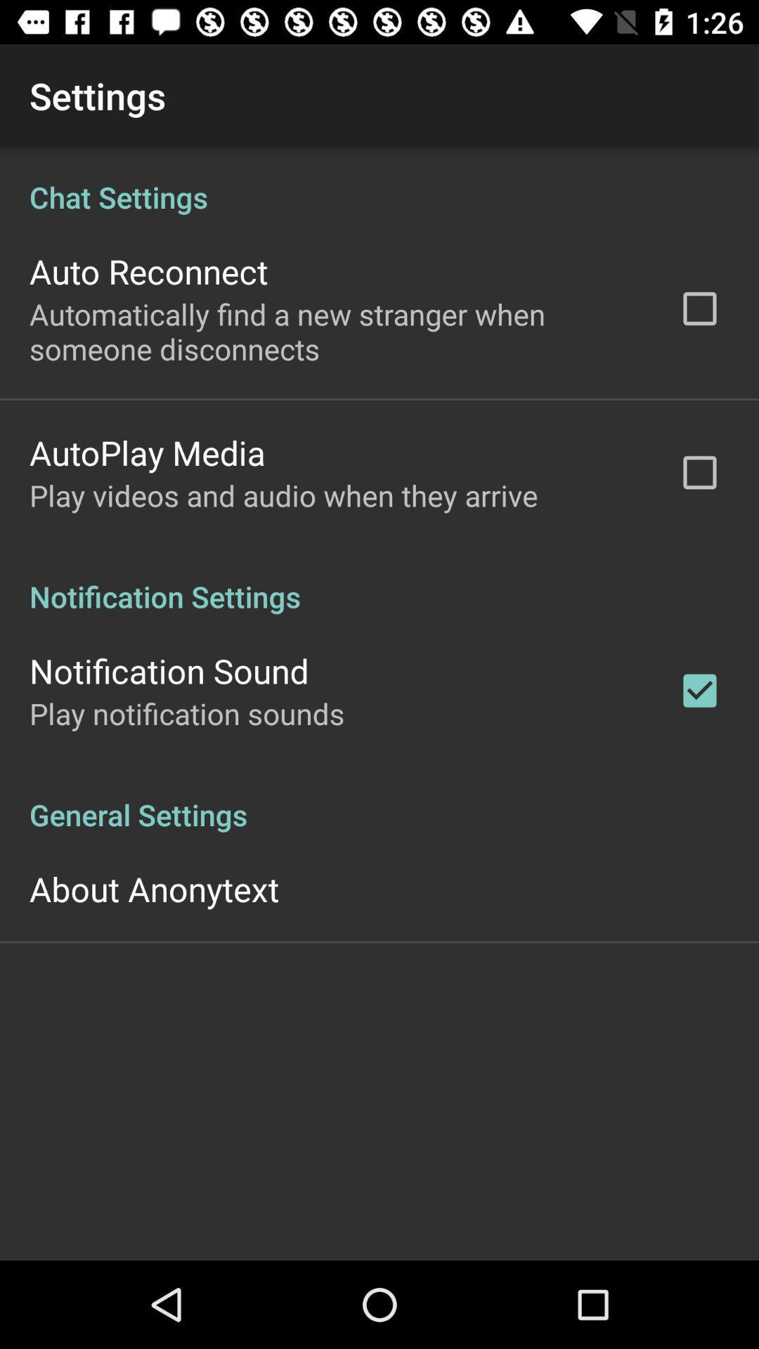  What do you see at coordinates (379, 582) in the screenshot?
I see `the notification settings icon` at bounding box center [379, 582].